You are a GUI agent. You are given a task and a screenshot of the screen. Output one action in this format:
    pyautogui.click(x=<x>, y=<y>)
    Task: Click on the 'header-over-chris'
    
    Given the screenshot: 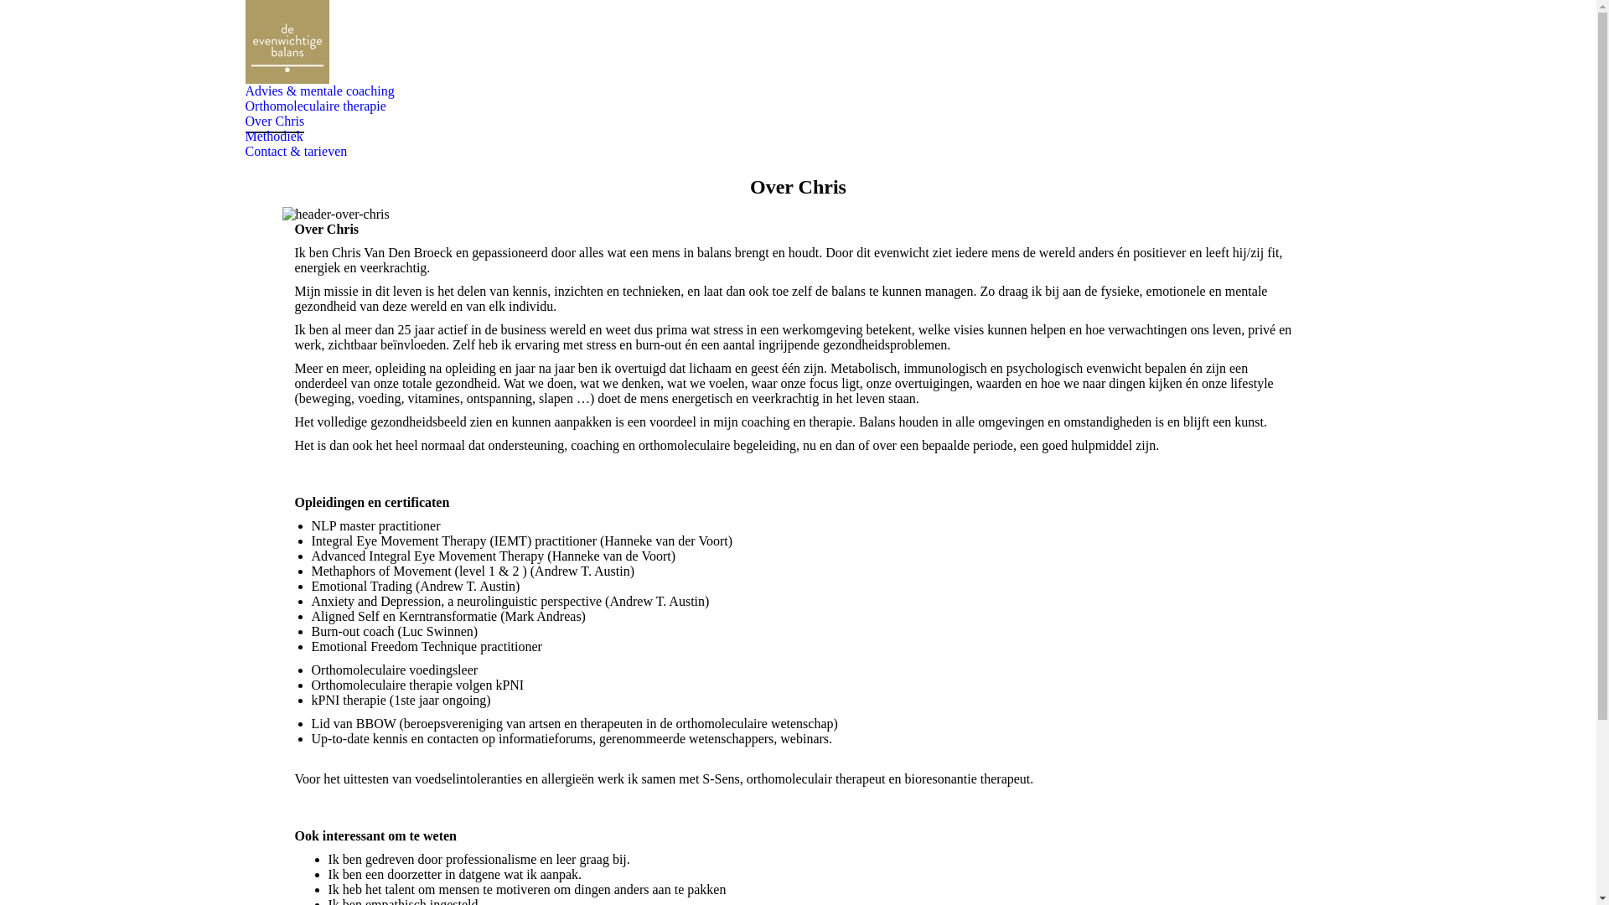 What is the action you would take?
    pyautogui.click(x=334, y=213)
    